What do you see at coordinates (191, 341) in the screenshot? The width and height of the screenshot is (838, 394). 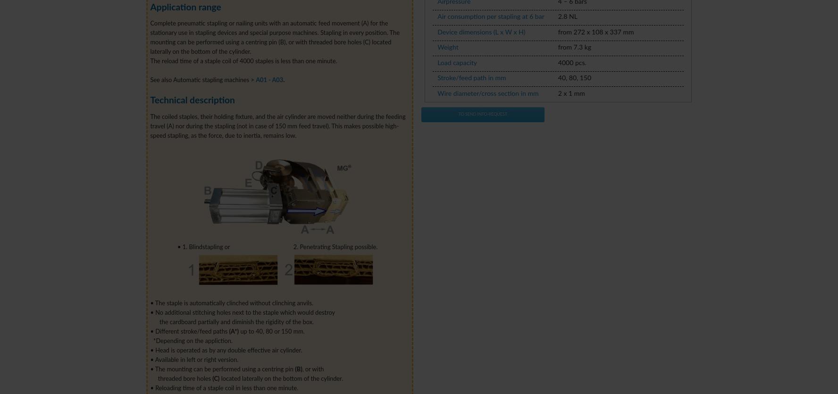 I see `'*Depending on the appliction.'` at bounding box center [191, 341].